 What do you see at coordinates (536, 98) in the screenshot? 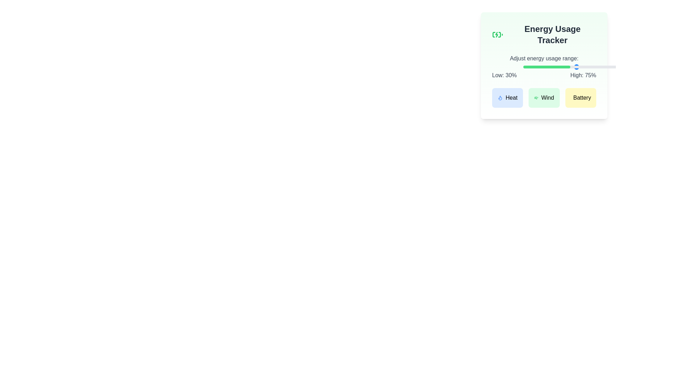
I see `the 'Wind' icon button, which visually represents the 'Wind' feature, located to the left of the text 'Wind' in the middle of a horizontal set of three buttons labeled 'Heat', 'Wind', and 'Battery'` at bounding box center [536, 98].